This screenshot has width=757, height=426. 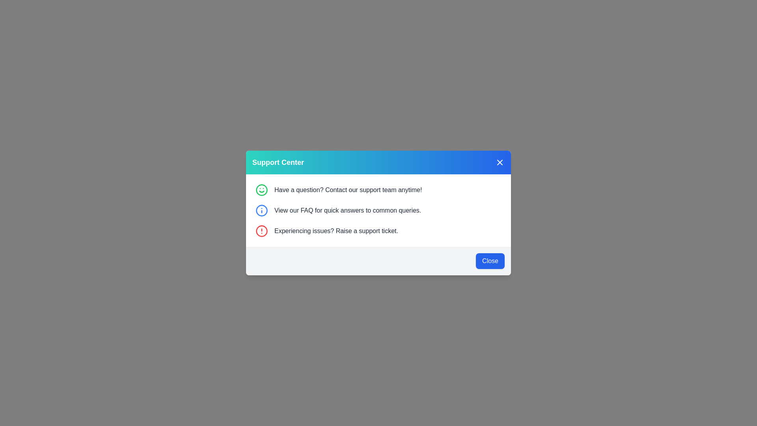 What do you see at coordinates (261, 210) in the screenshot?
I see `the SVG Circle that represents information in the second row of the modal interface` at bounding box center [261, 210].